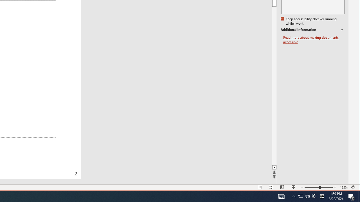  I want to click on 'Q2790: 100%', so click(307, 196).